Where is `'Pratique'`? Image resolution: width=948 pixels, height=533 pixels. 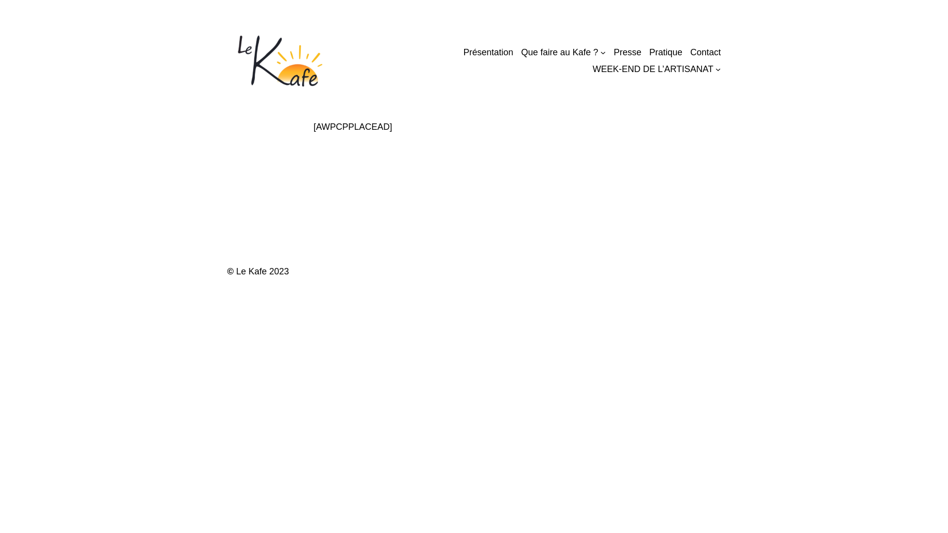
'Pratique' is located at coordinates (666, 52).